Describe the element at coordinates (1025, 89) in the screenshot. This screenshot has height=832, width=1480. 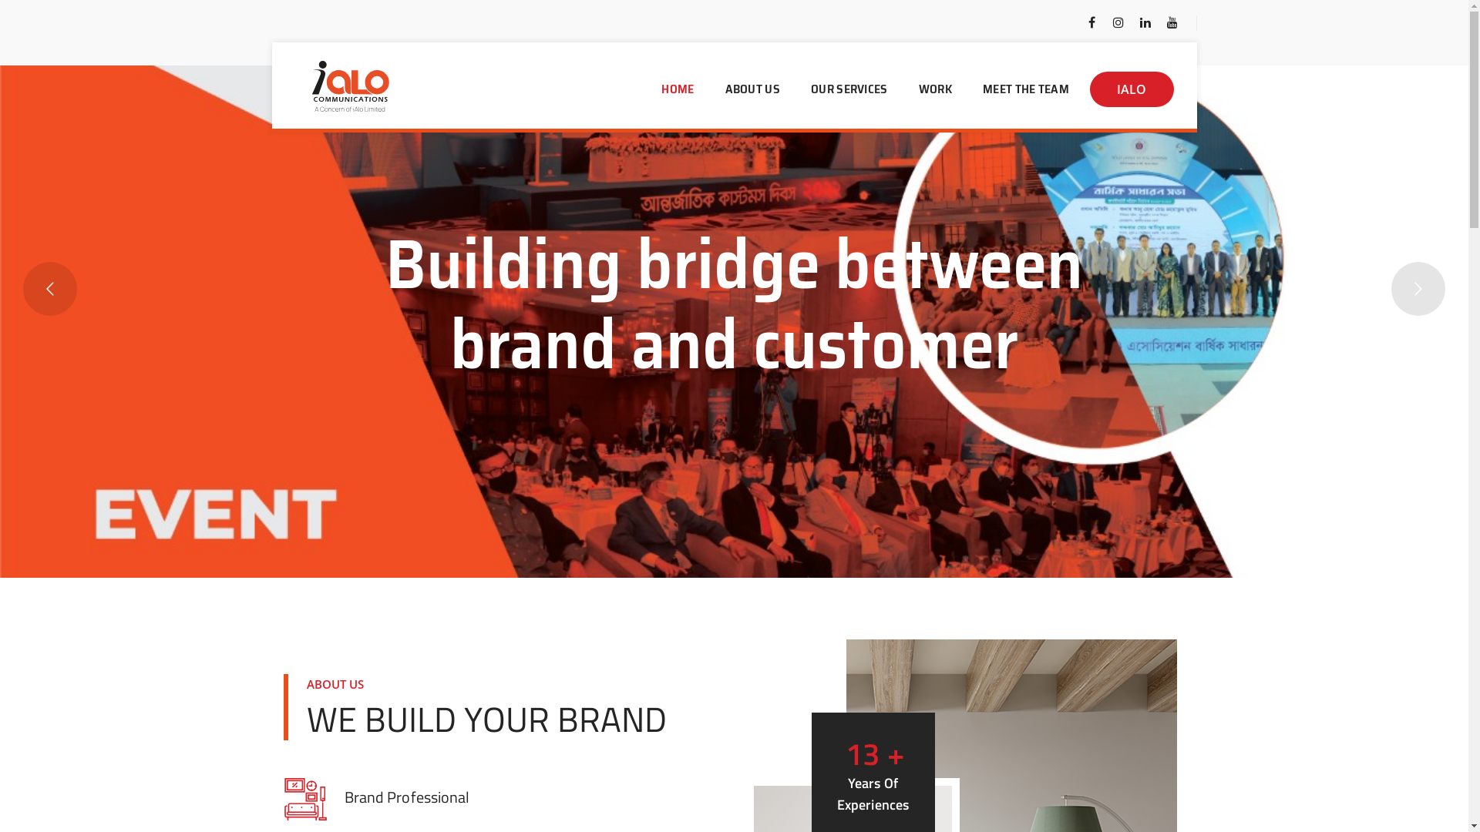
I see `'MEET THE TEAM'` at that location.